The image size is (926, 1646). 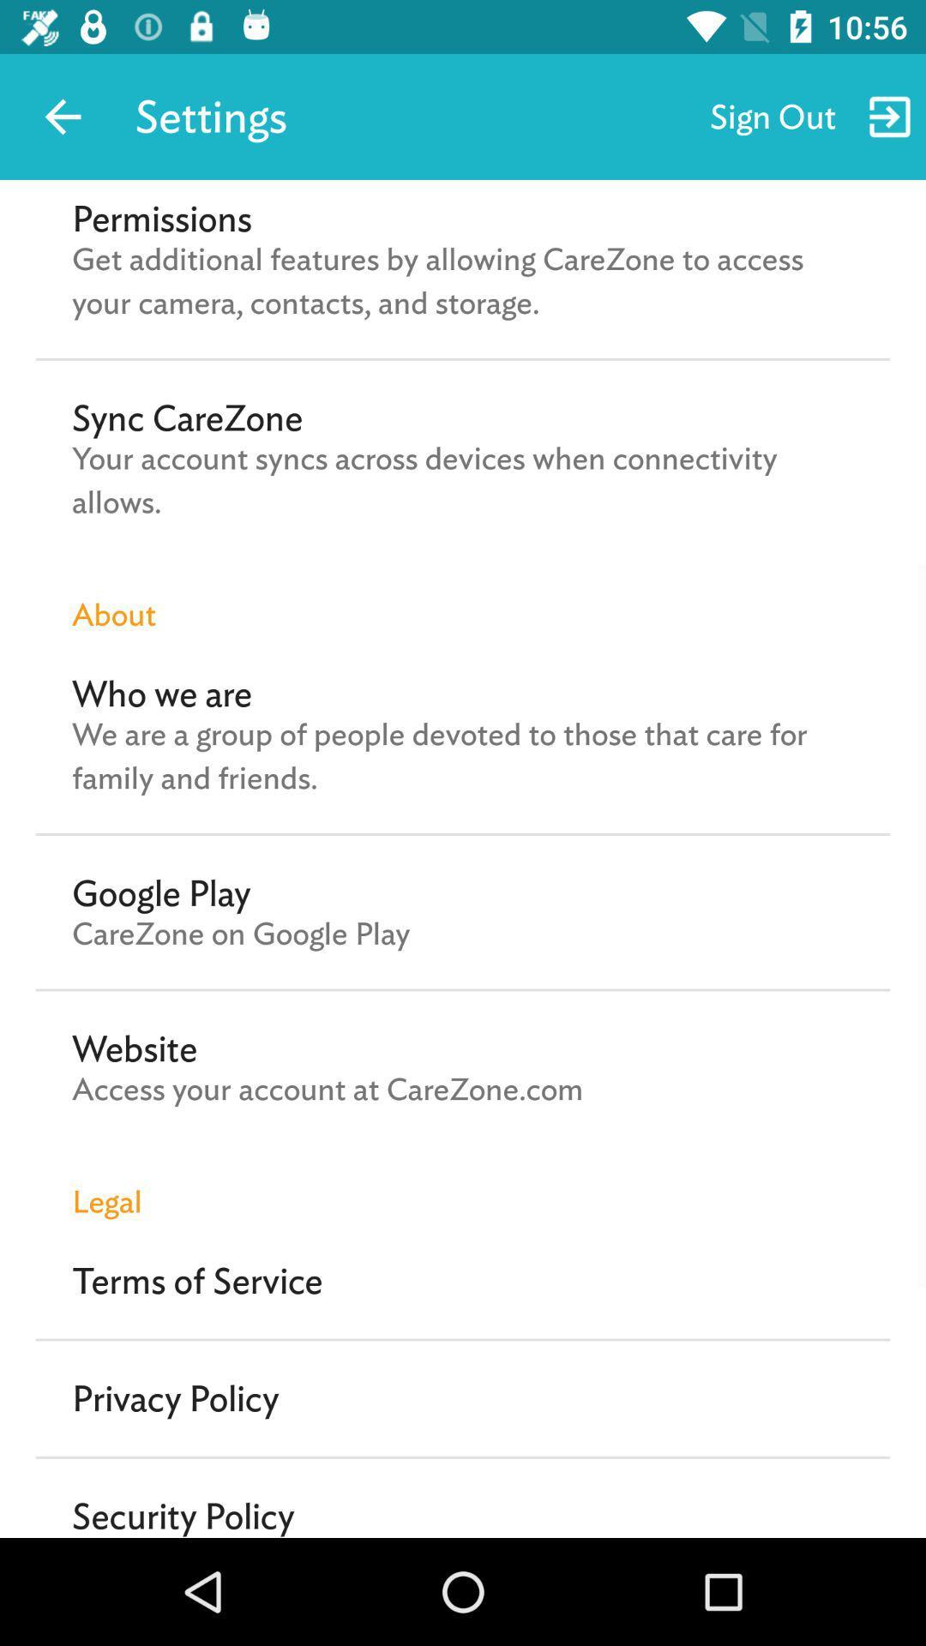 I want to click on icon above website, so click(x=241, y=933).